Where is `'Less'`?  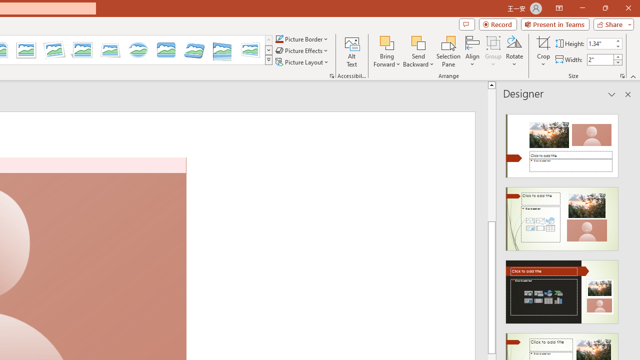 'Less' is located at coordinates (617, 62).